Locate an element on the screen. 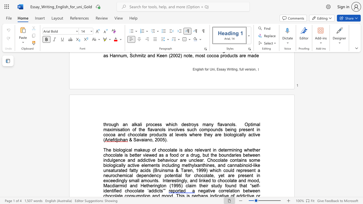 The image size is (363, 204). the subset text "ough an alkali process which destroy" within the text "through an alkali process which destroys many flavanols" is located at coordinates (109, 124).